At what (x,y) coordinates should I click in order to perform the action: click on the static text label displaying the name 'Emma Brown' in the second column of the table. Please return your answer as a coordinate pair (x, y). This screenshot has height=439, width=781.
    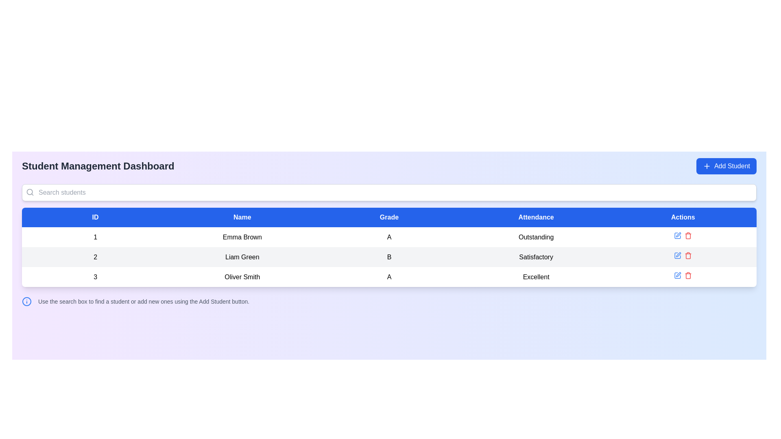
    Looking at the image, I should click on (242, 237).